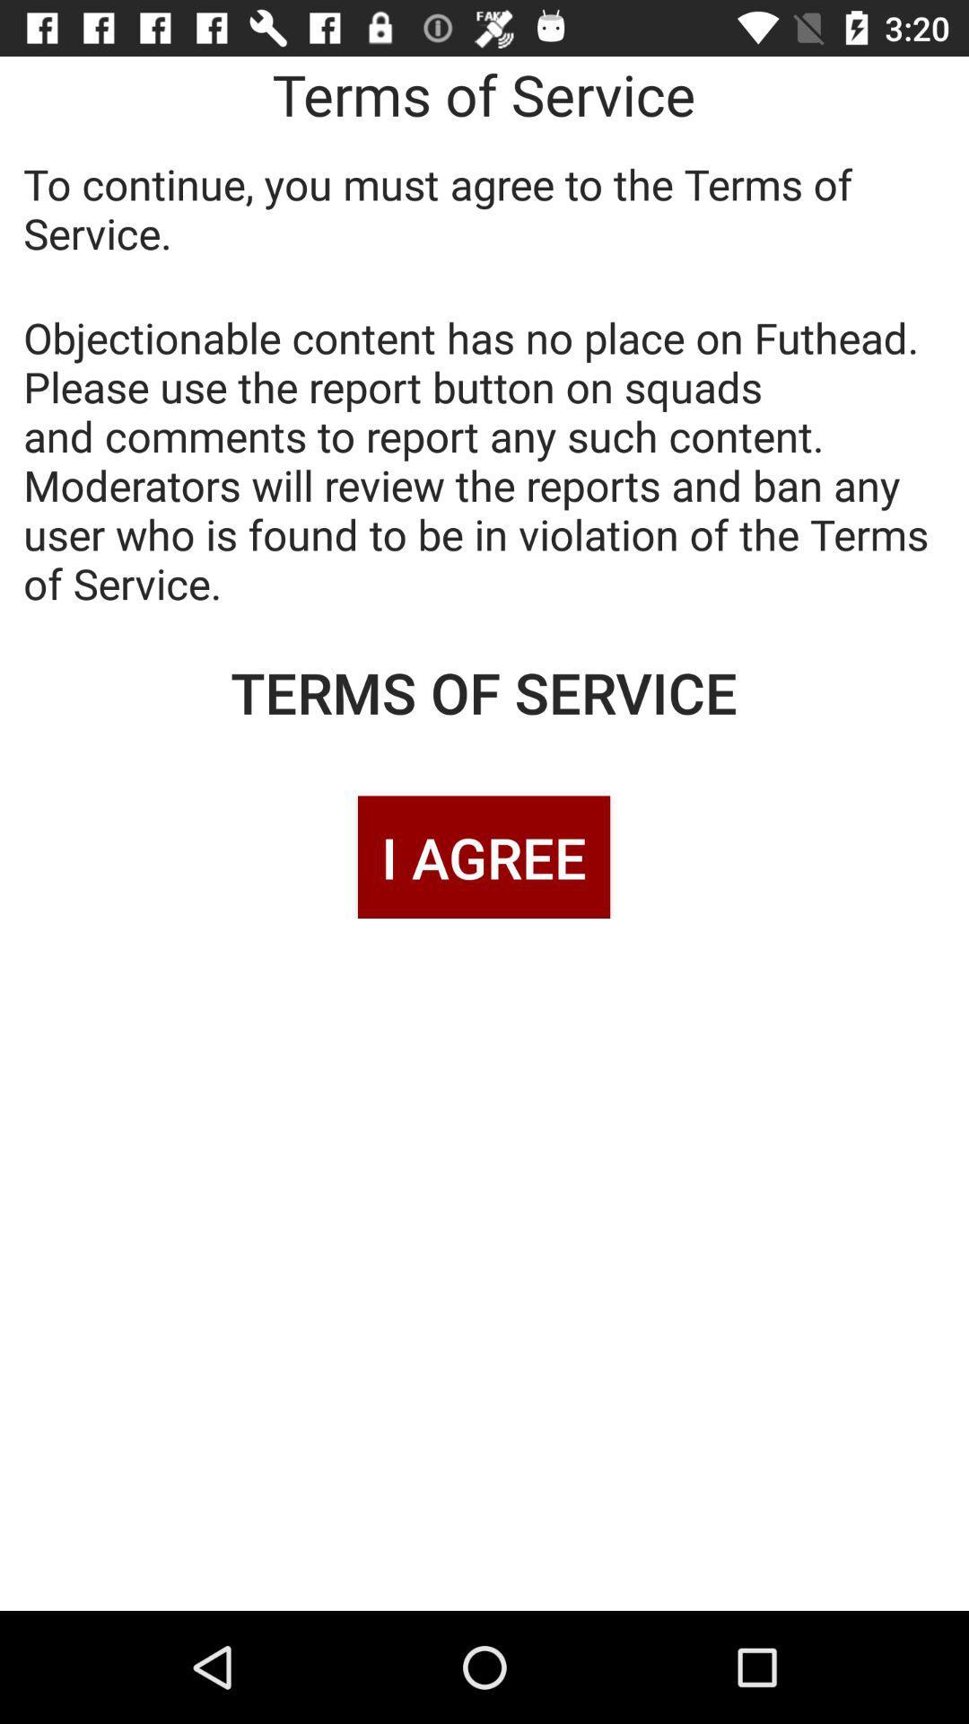  Describe the element at coordinates (483, 856) in the screenshot. I see `i agree item` at that location.